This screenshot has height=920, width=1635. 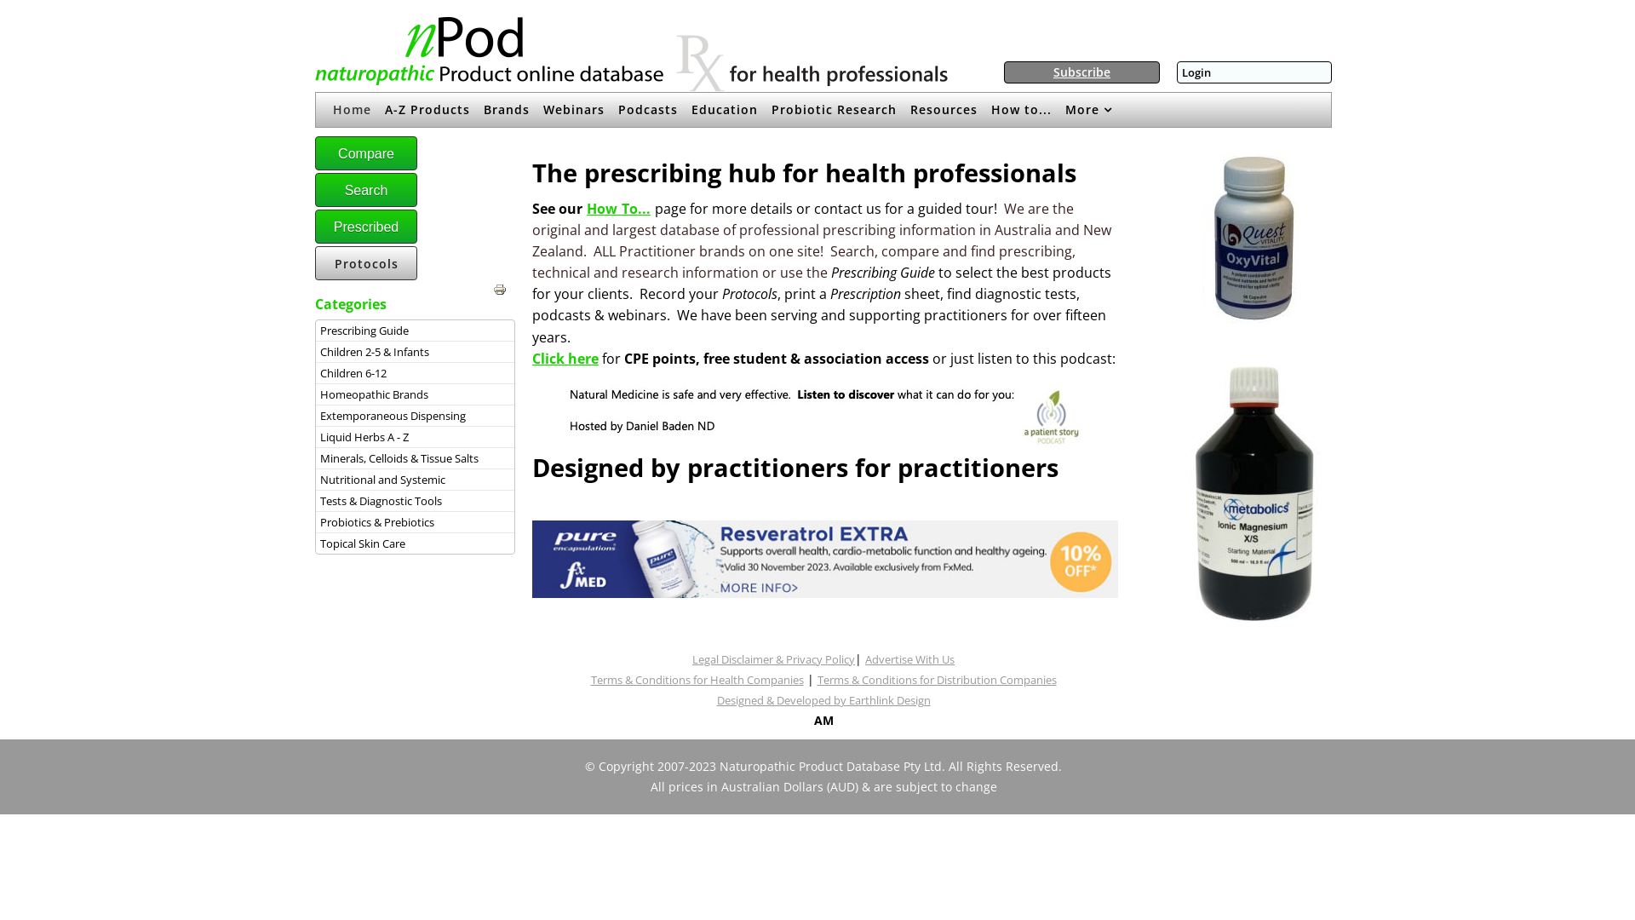 What do you see at coordinates (565, 357) in the screenshot?
I see `'Click here'` at bounding box center [565, 357].